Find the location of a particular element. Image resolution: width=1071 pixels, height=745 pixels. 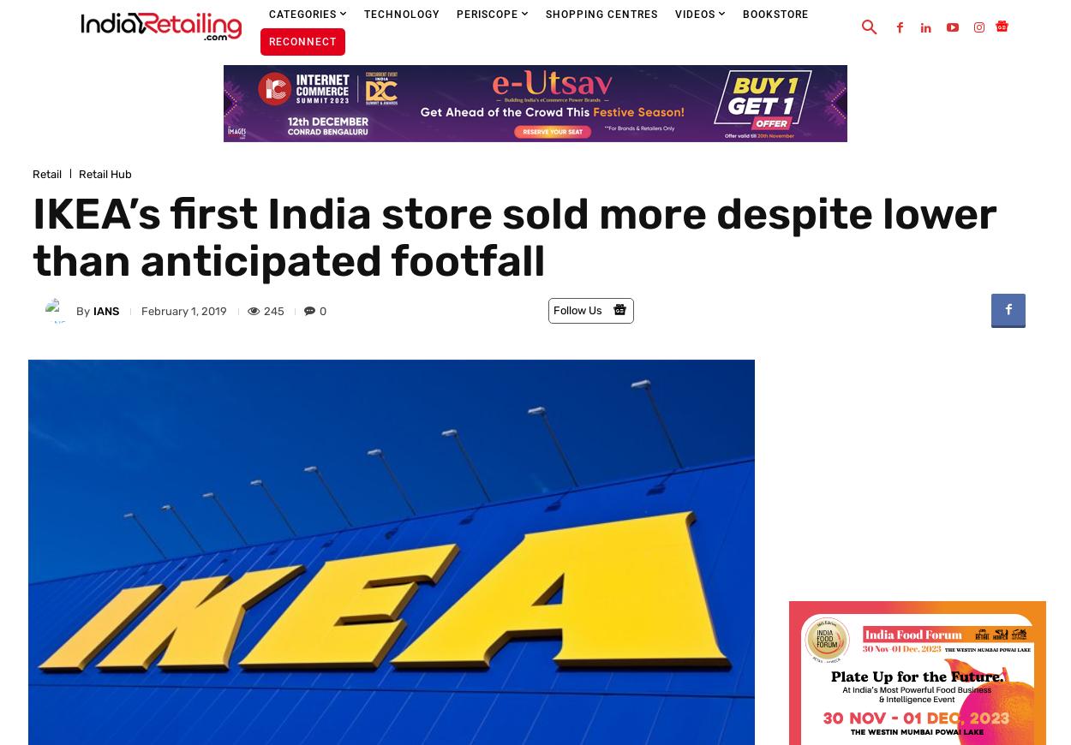

'Shopping Centres' is located at coordinates (546, 13).